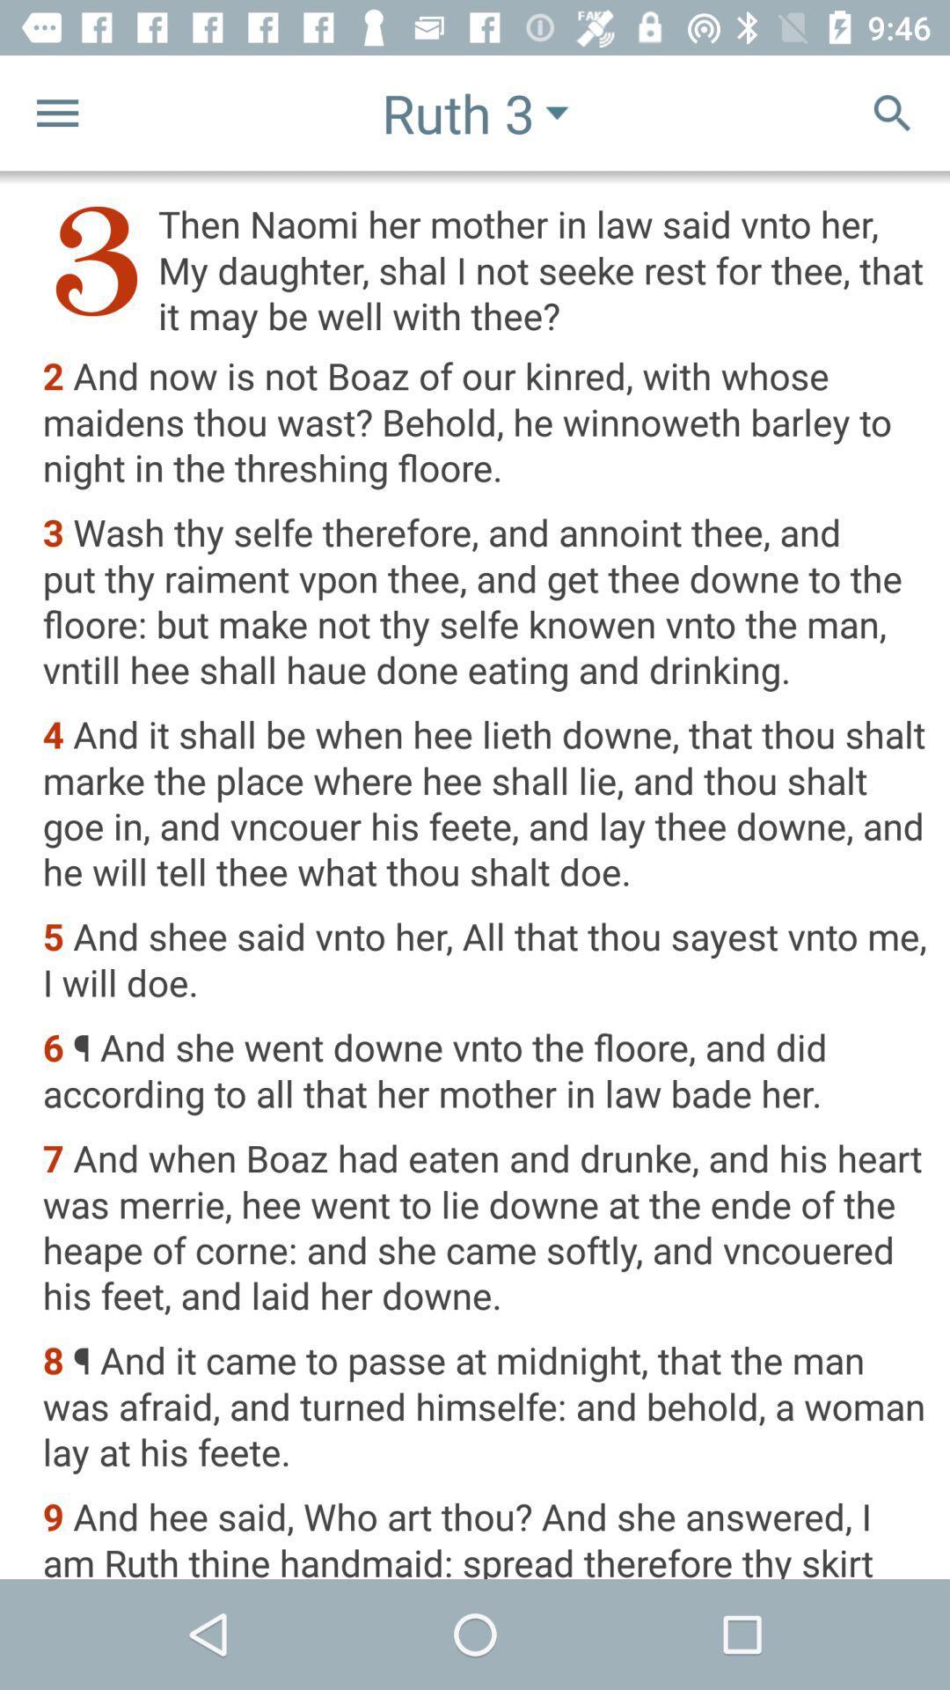 Image resolution: width=950 pixels, height=1690 pixels. I want to click on the 5 and shee icon, so click(485, 960).